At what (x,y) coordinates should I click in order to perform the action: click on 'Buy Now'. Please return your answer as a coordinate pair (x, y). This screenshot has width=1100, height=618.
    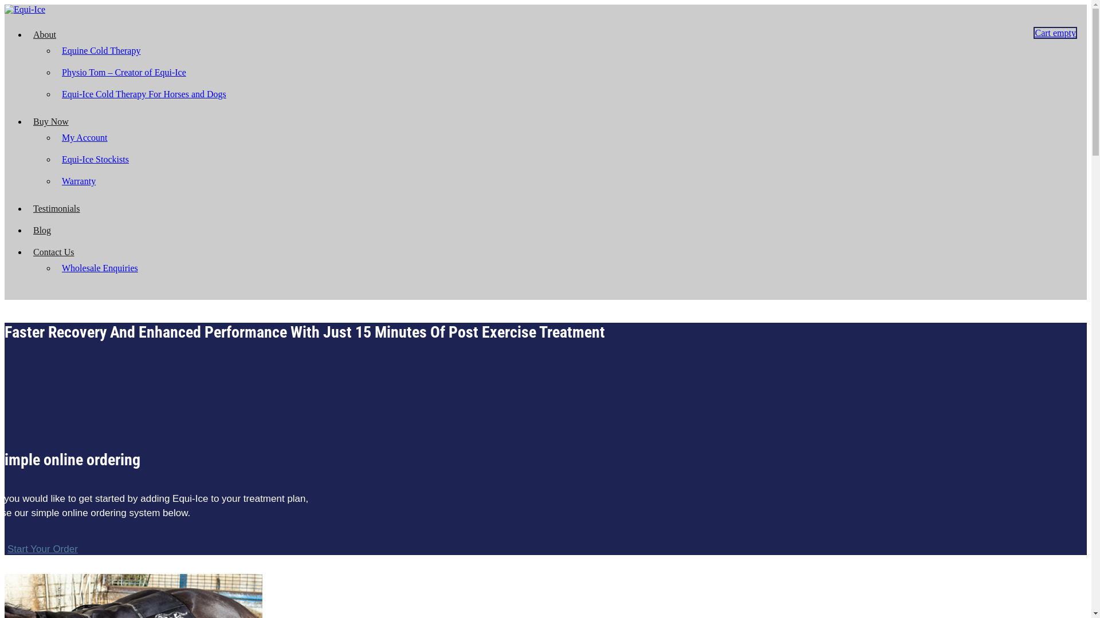
    Looking at the image, I should click on (50, 121).